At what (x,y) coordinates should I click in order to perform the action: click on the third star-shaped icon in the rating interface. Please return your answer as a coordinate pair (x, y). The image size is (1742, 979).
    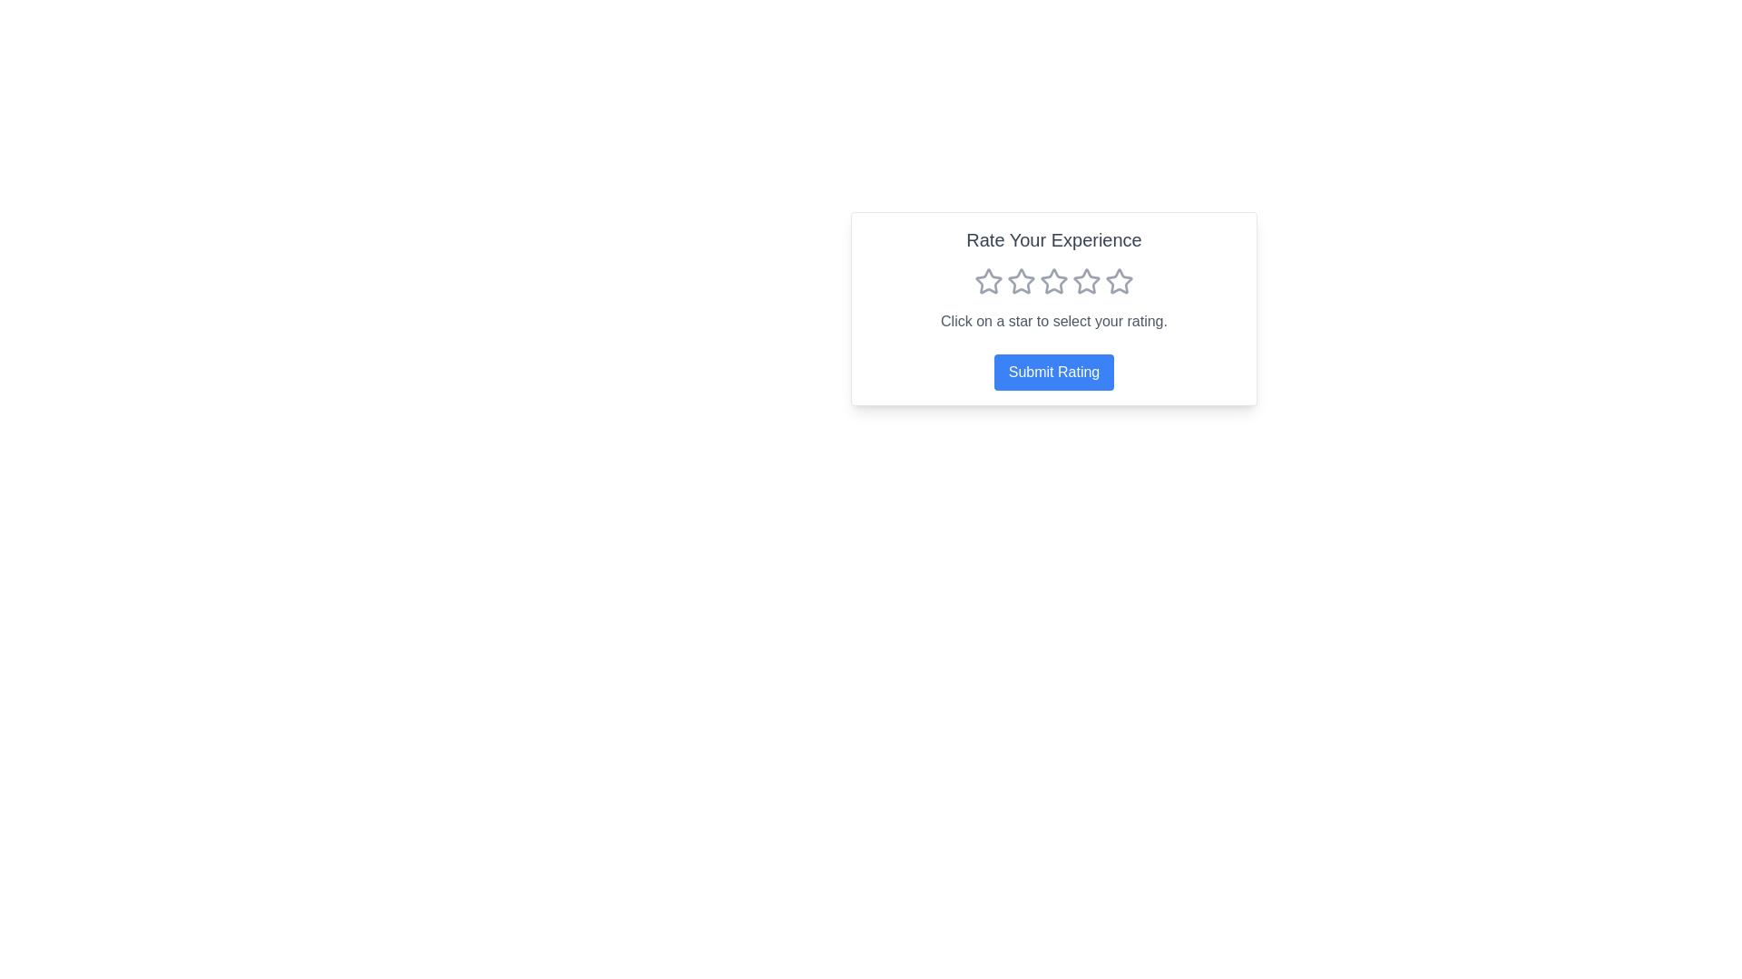
    Looking at the image, I should click on (1053, 280).